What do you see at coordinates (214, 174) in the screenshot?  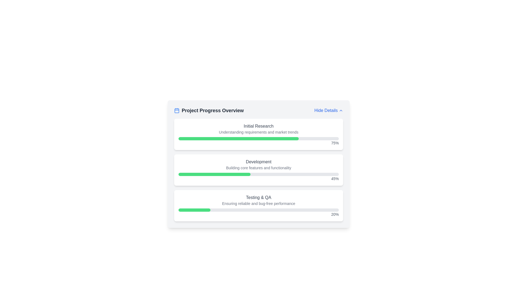 I see `the progress status of the green progress indicator representing 45% completion in the second progress bar under the 'Development' label` at bounding box center [214, 174].